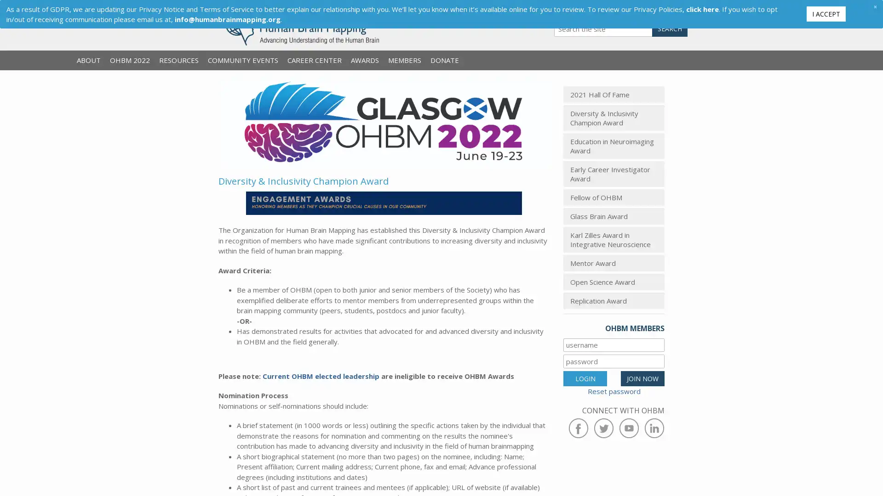 This screenshot has width=883, height=496. What do you see at coordinates (642, 378) in the screenshot?
I see `JOIN NOW` at bounding box center [642, 378].